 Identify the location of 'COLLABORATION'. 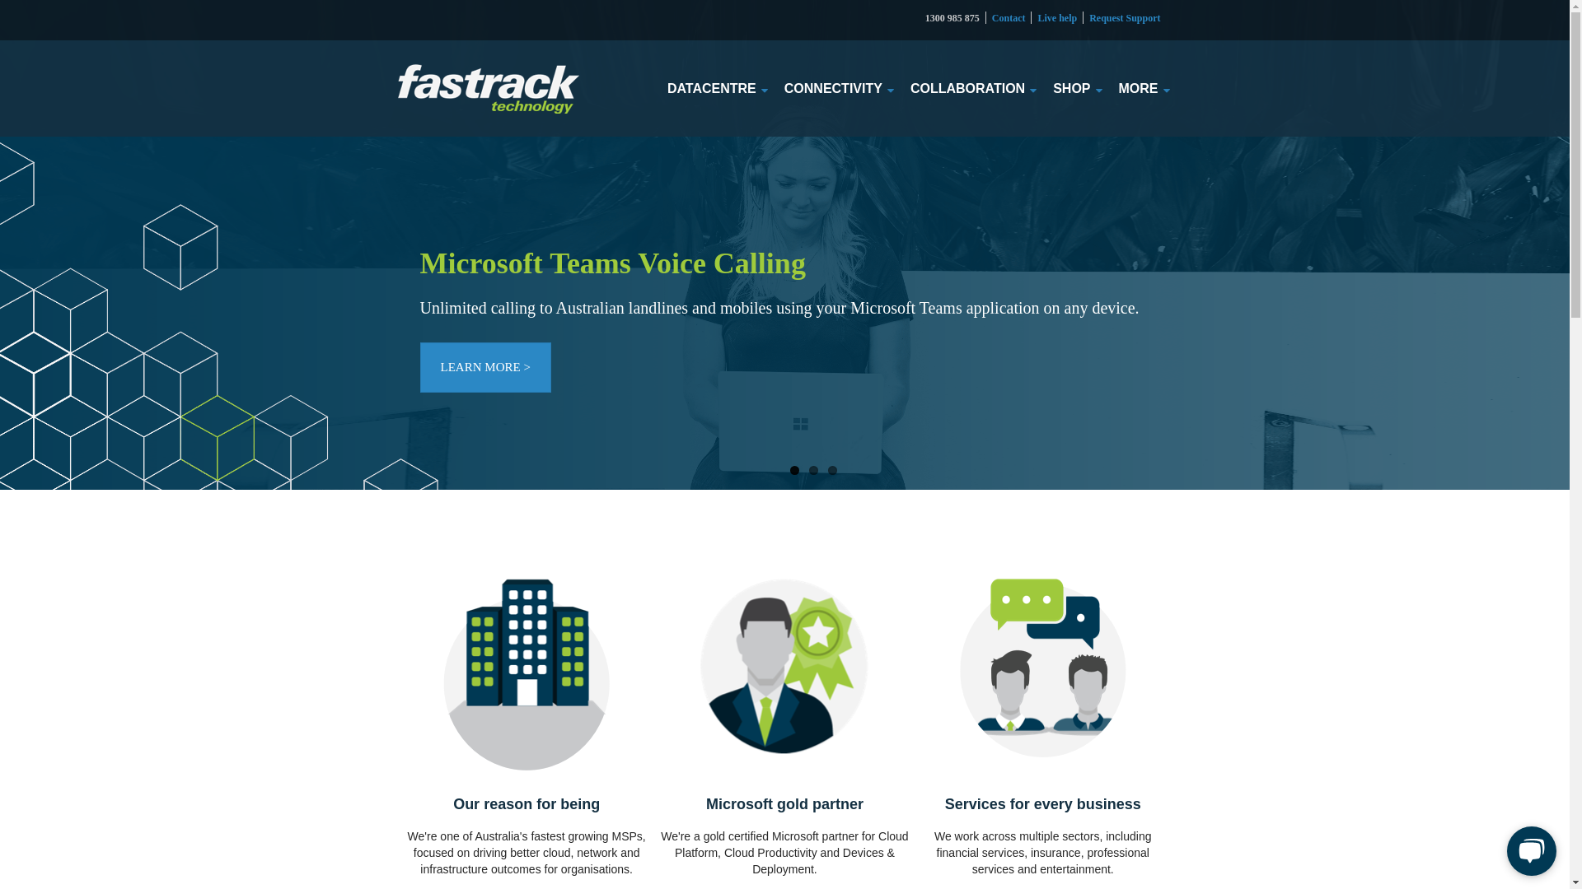
(909, 88).